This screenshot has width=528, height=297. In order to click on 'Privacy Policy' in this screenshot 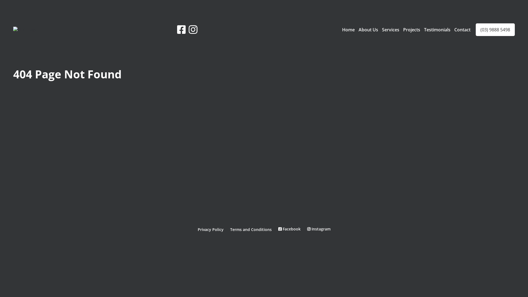, I will do `click(197, 229)`.